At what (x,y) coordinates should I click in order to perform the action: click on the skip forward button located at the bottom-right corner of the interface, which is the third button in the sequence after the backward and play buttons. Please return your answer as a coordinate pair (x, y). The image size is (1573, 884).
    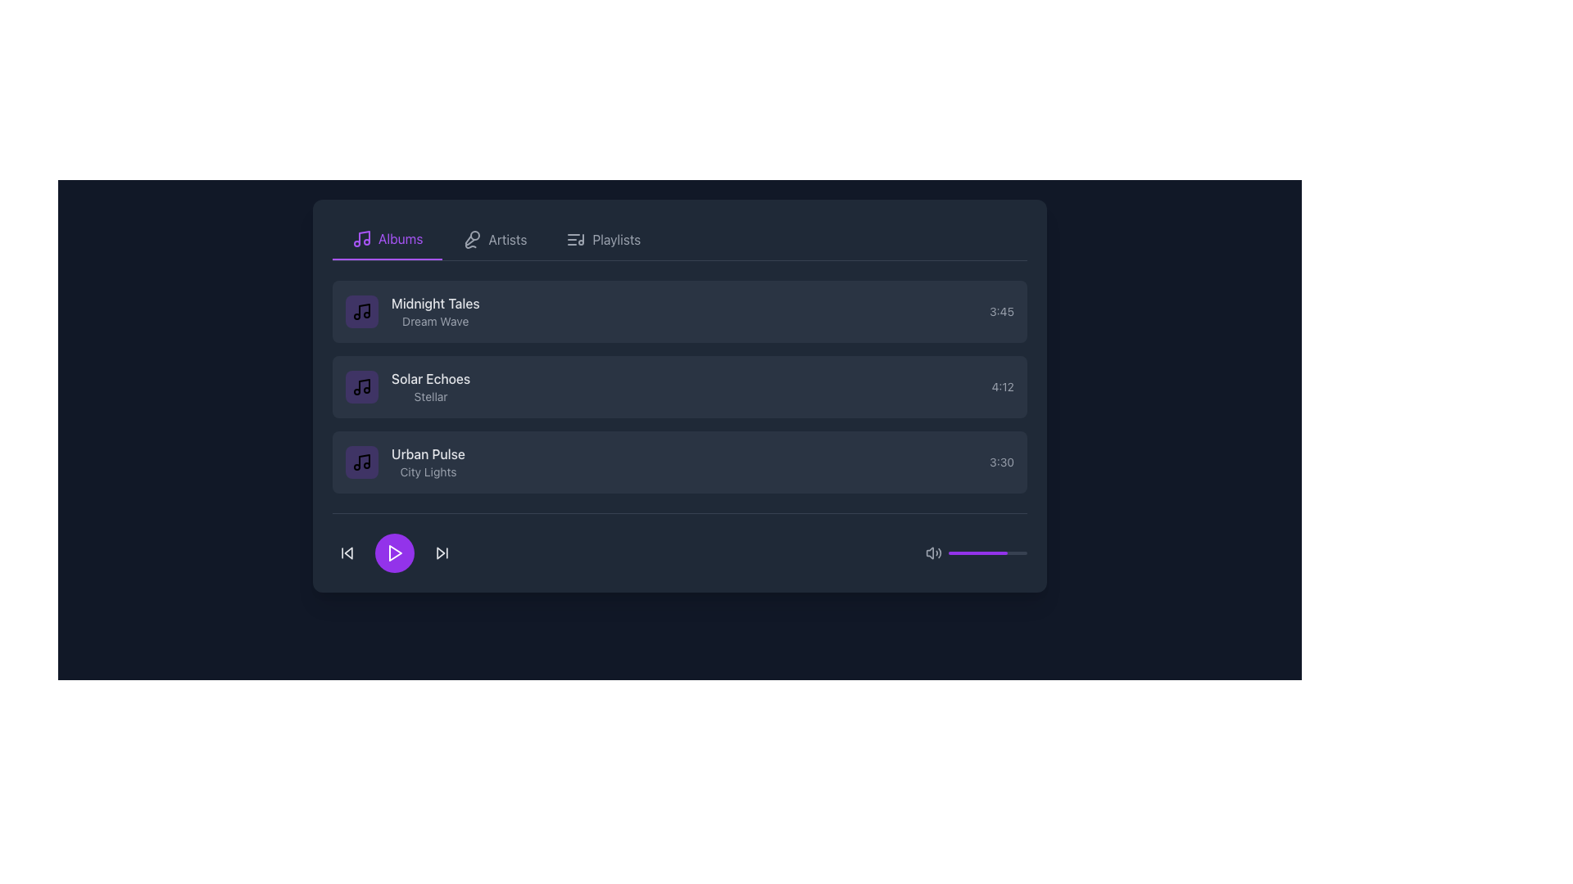
    Looking at the image, I should click on (442, 552).